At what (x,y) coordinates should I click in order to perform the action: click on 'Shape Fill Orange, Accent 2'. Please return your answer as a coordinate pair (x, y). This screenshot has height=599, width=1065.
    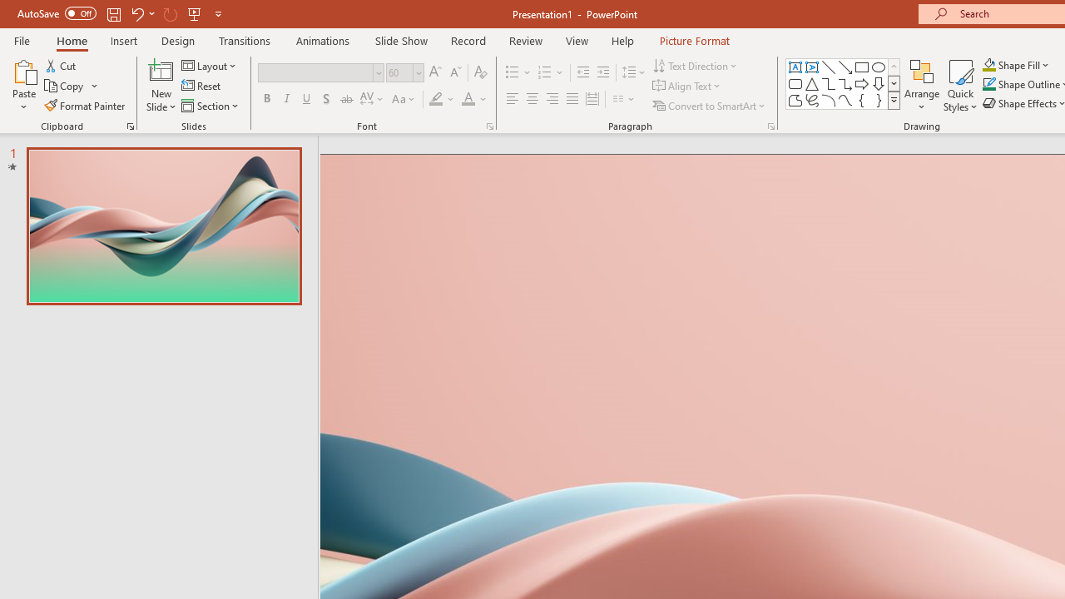
    Looking at the image, I should click on (989, 64).